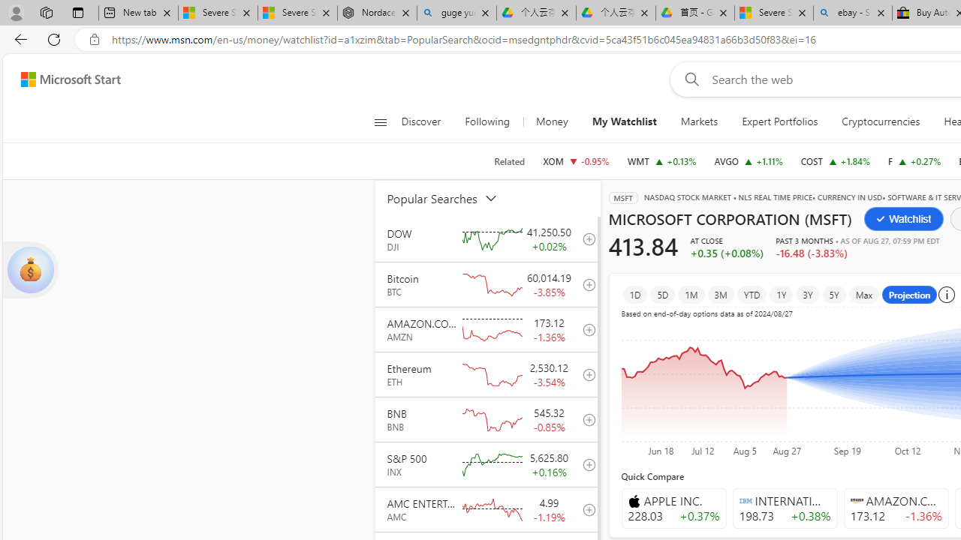 This screenshot has width=961, height=540. What do you see at coordinates (16, 12) in the screenshot?
I see `'Personal Profile'` at bounding box center [16, 12].